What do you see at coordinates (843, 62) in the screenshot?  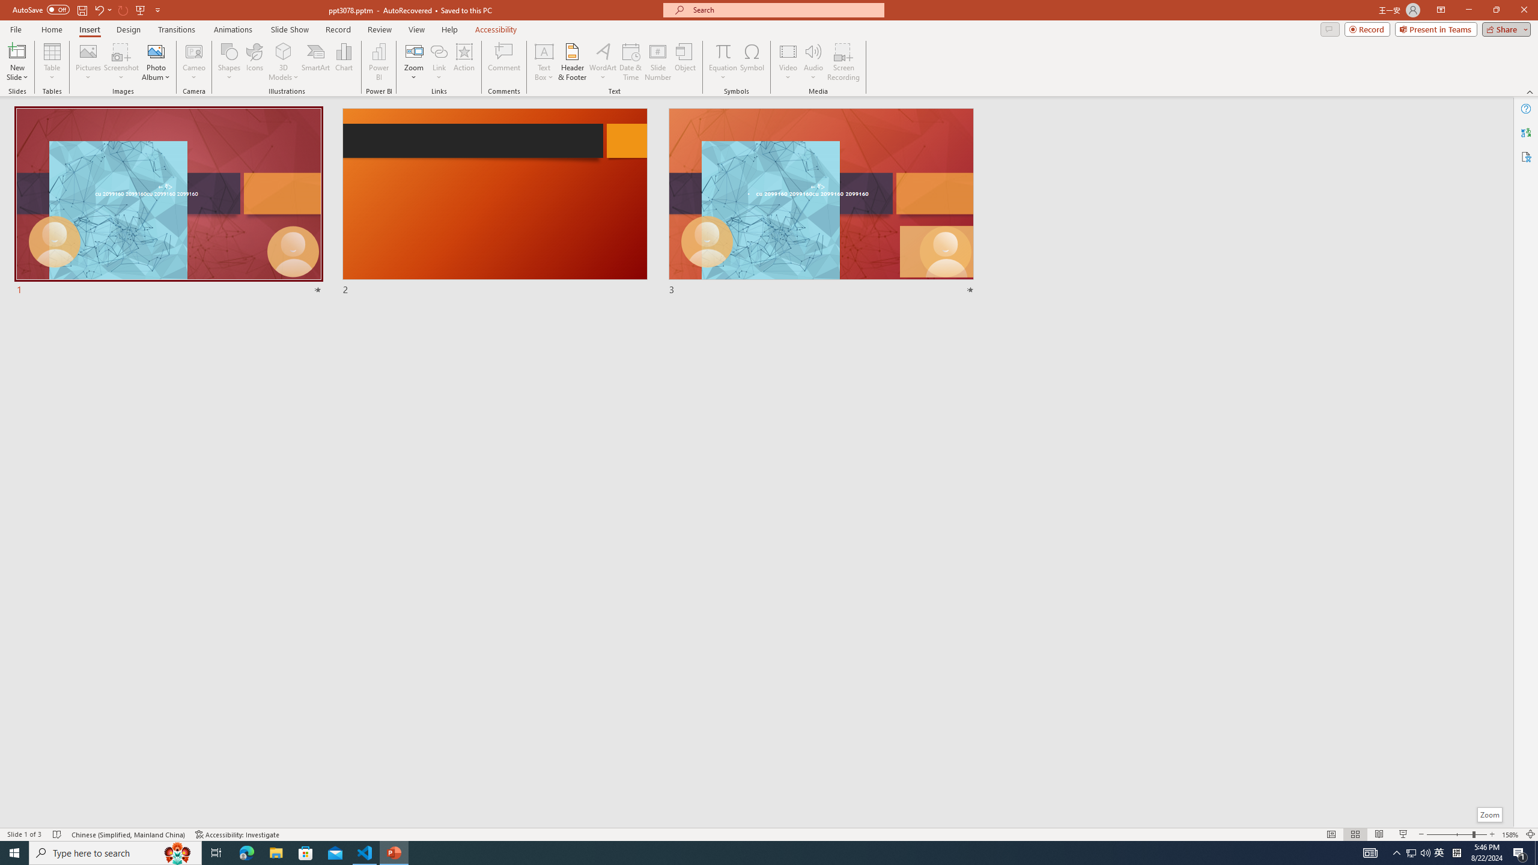 I see `'Screen Recording...'` at bounding box center [843, 62].